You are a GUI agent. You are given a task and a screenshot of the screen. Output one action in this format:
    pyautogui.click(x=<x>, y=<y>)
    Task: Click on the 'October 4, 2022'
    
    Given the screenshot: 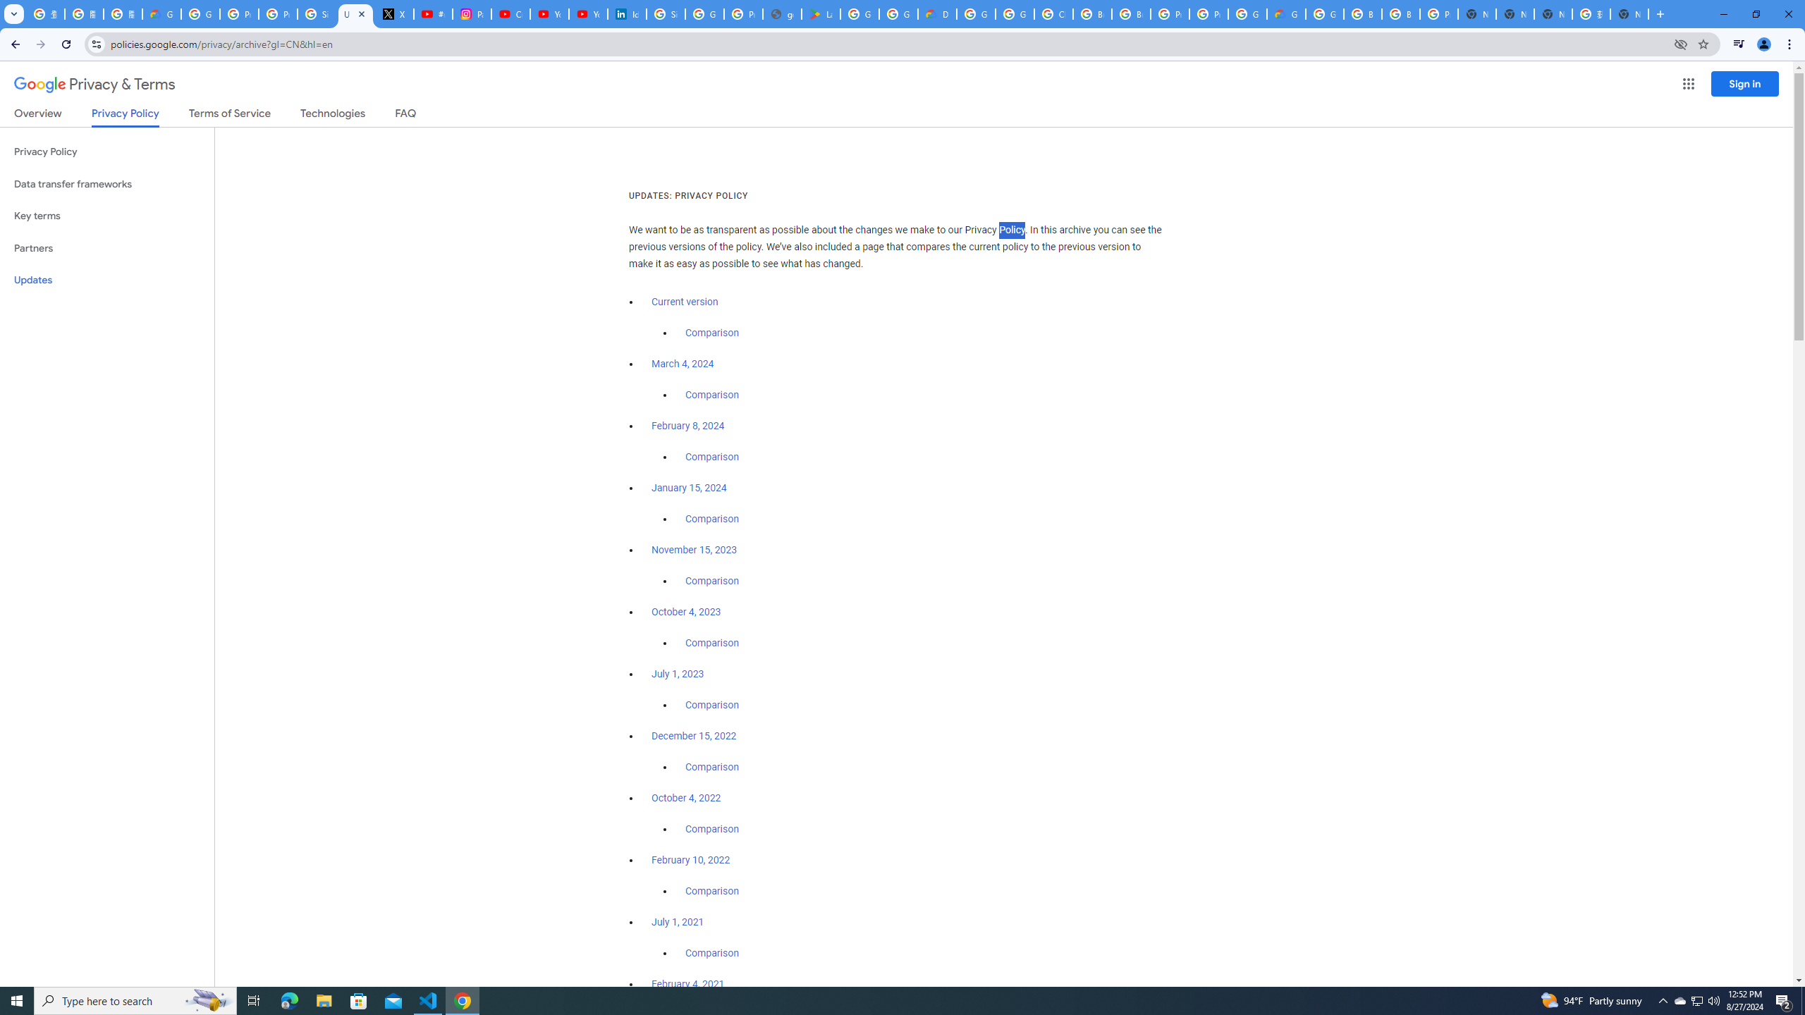 What is the action you would take?
    pyautogui.click(x=687, y=796)
    